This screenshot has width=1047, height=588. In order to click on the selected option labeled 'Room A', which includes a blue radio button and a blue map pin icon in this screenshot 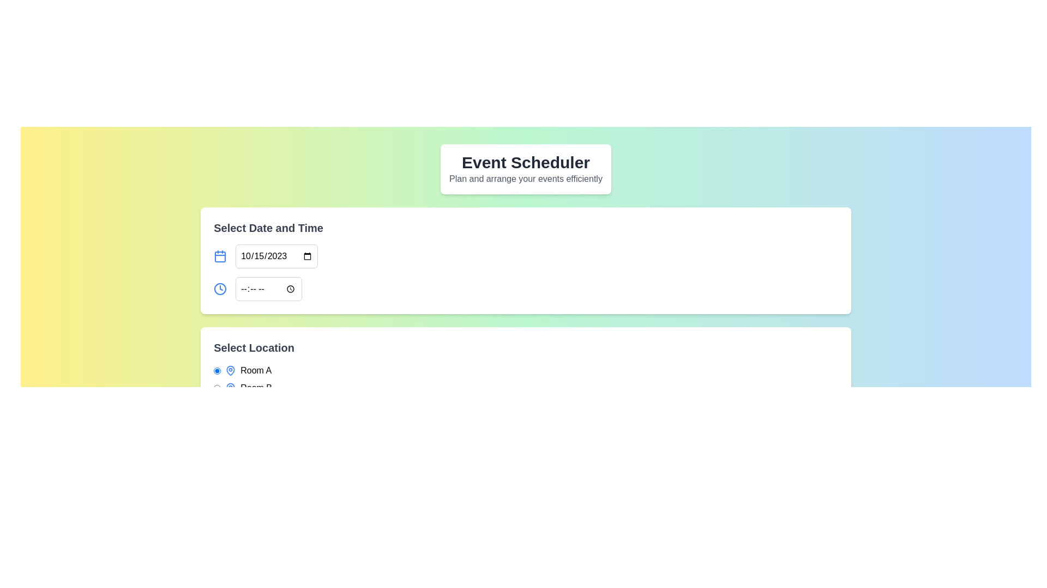, I will do `click(243, 370)`.